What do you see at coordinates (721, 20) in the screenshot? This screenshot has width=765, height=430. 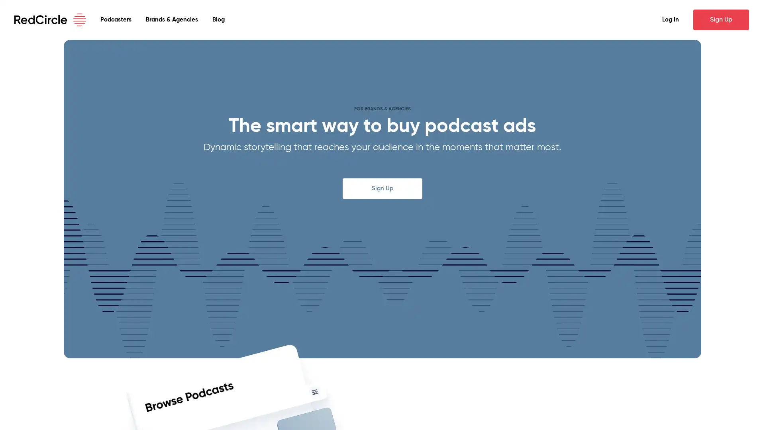 I see `Sign Up` at bounding box center [721, 20].